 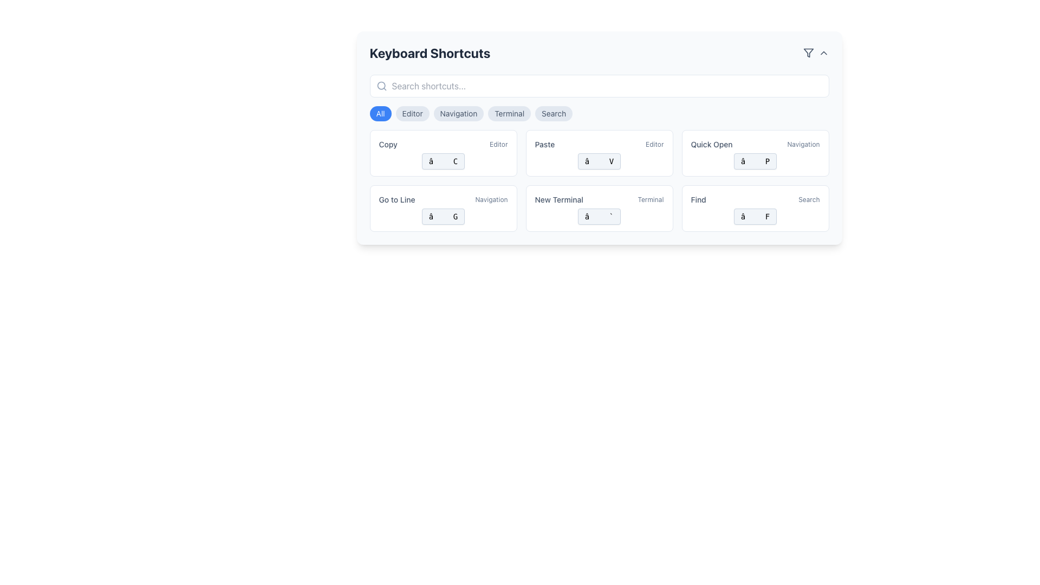 I want to click on the interactive card representing the keyboard shortcut for 'Find', located at the bottom-right of the grid layout, so click(x=755, y=209).